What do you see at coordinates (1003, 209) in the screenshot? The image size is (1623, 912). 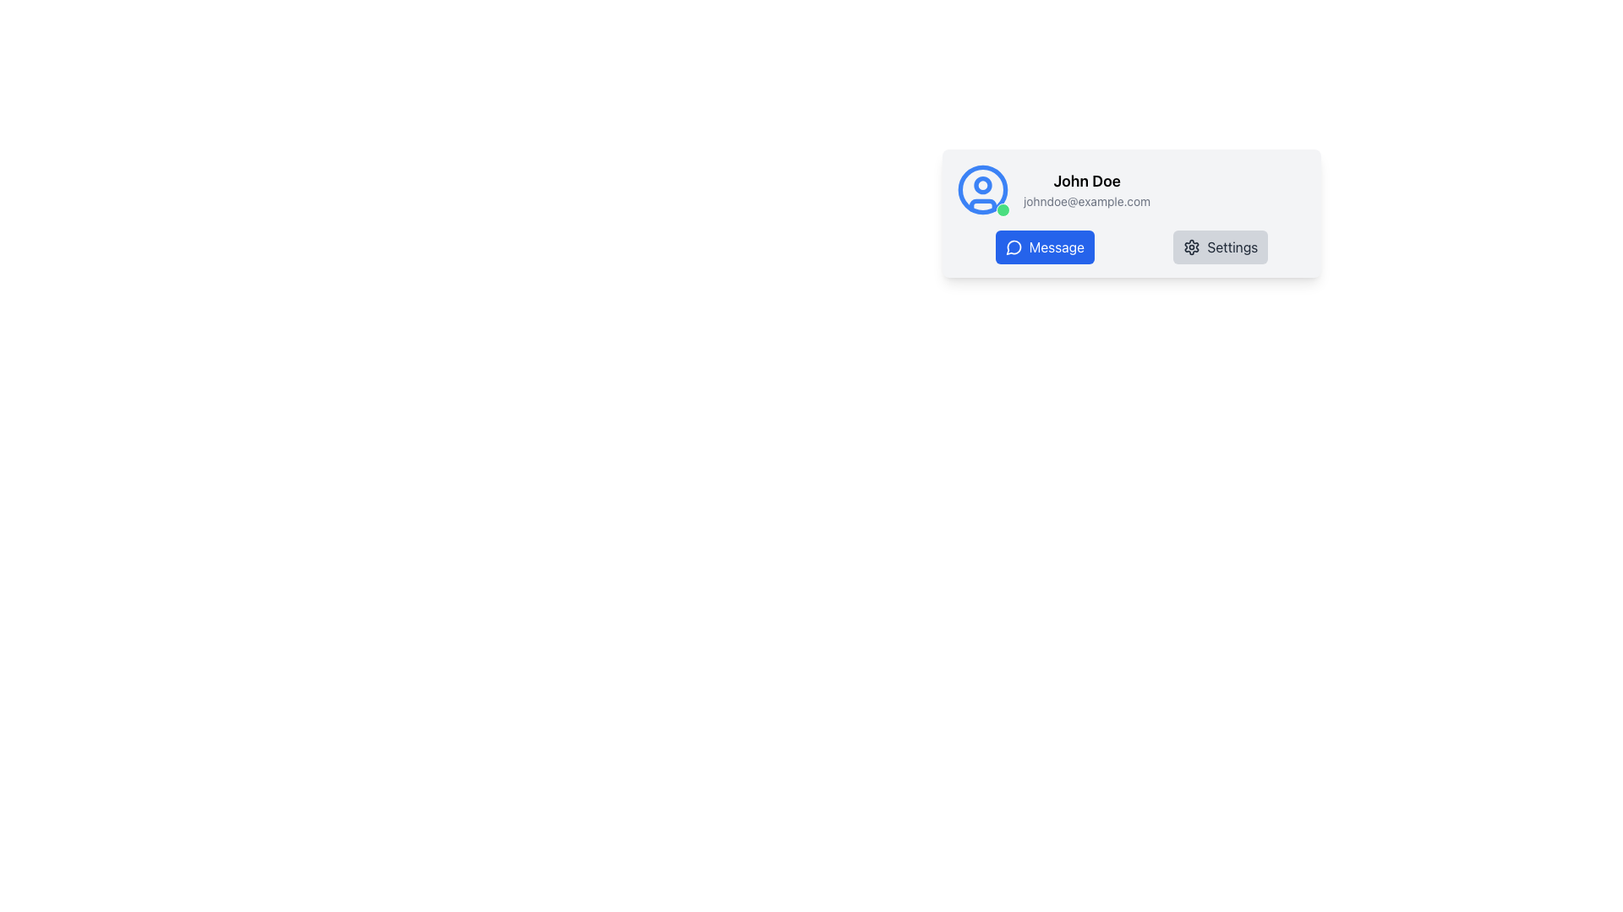 I see `the online status of the user represented by the Status Indicator Badge located at the bottom-right corner of the user profile icon next to 'John Doe'` at bounding box center [1003, 209].